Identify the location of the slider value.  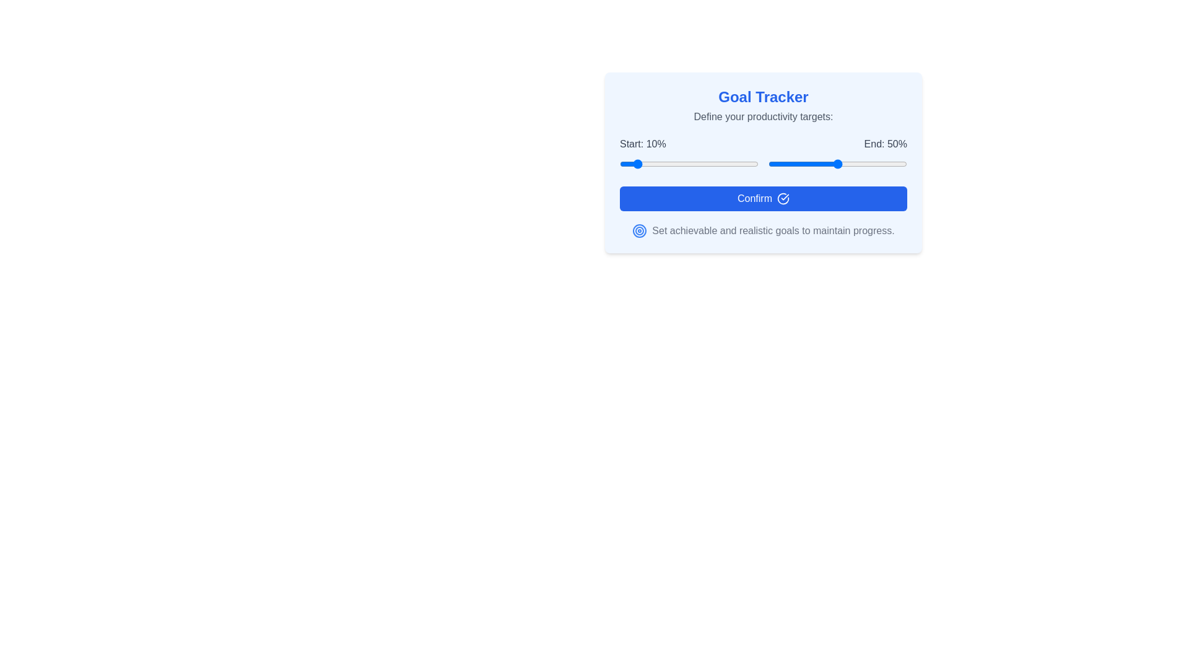
(647, 164).